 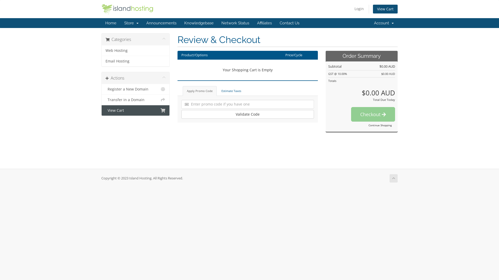 What do you see at coordinates (135, 51) in the screenshot?
I see `'Web Hosting'` at bounding box center [135, 51].